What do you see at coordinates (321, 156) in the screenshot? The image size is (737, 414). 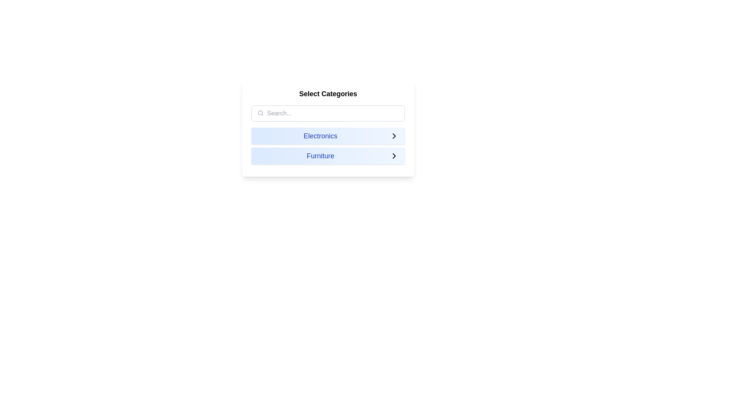 I see `the 'Furniture' text label, which is centrally positioned within a clickable panel that transitions from blue to white` at bounding box center [321, 156].